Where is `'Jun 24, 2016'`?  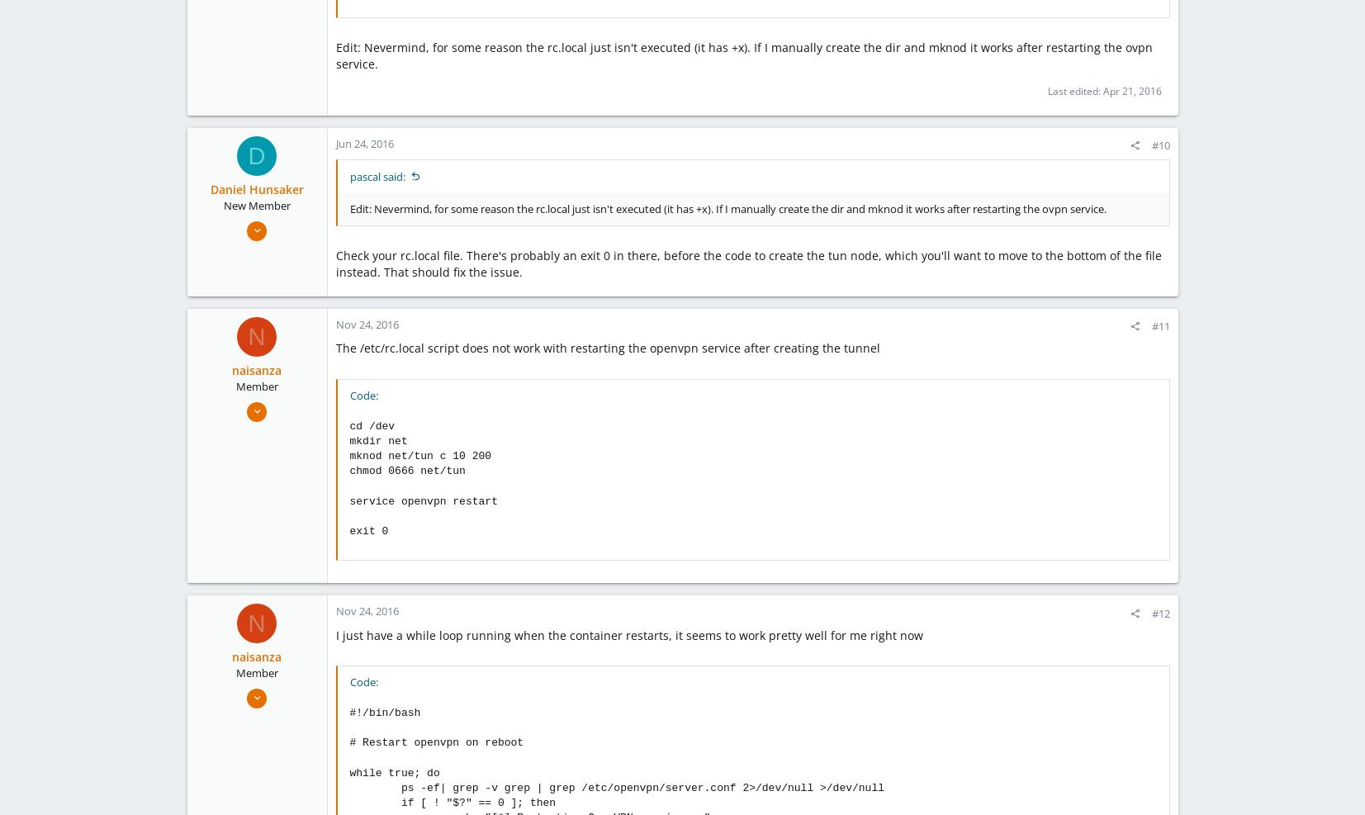
'Jun 24, 2016' is located at coordinates (363, 143).